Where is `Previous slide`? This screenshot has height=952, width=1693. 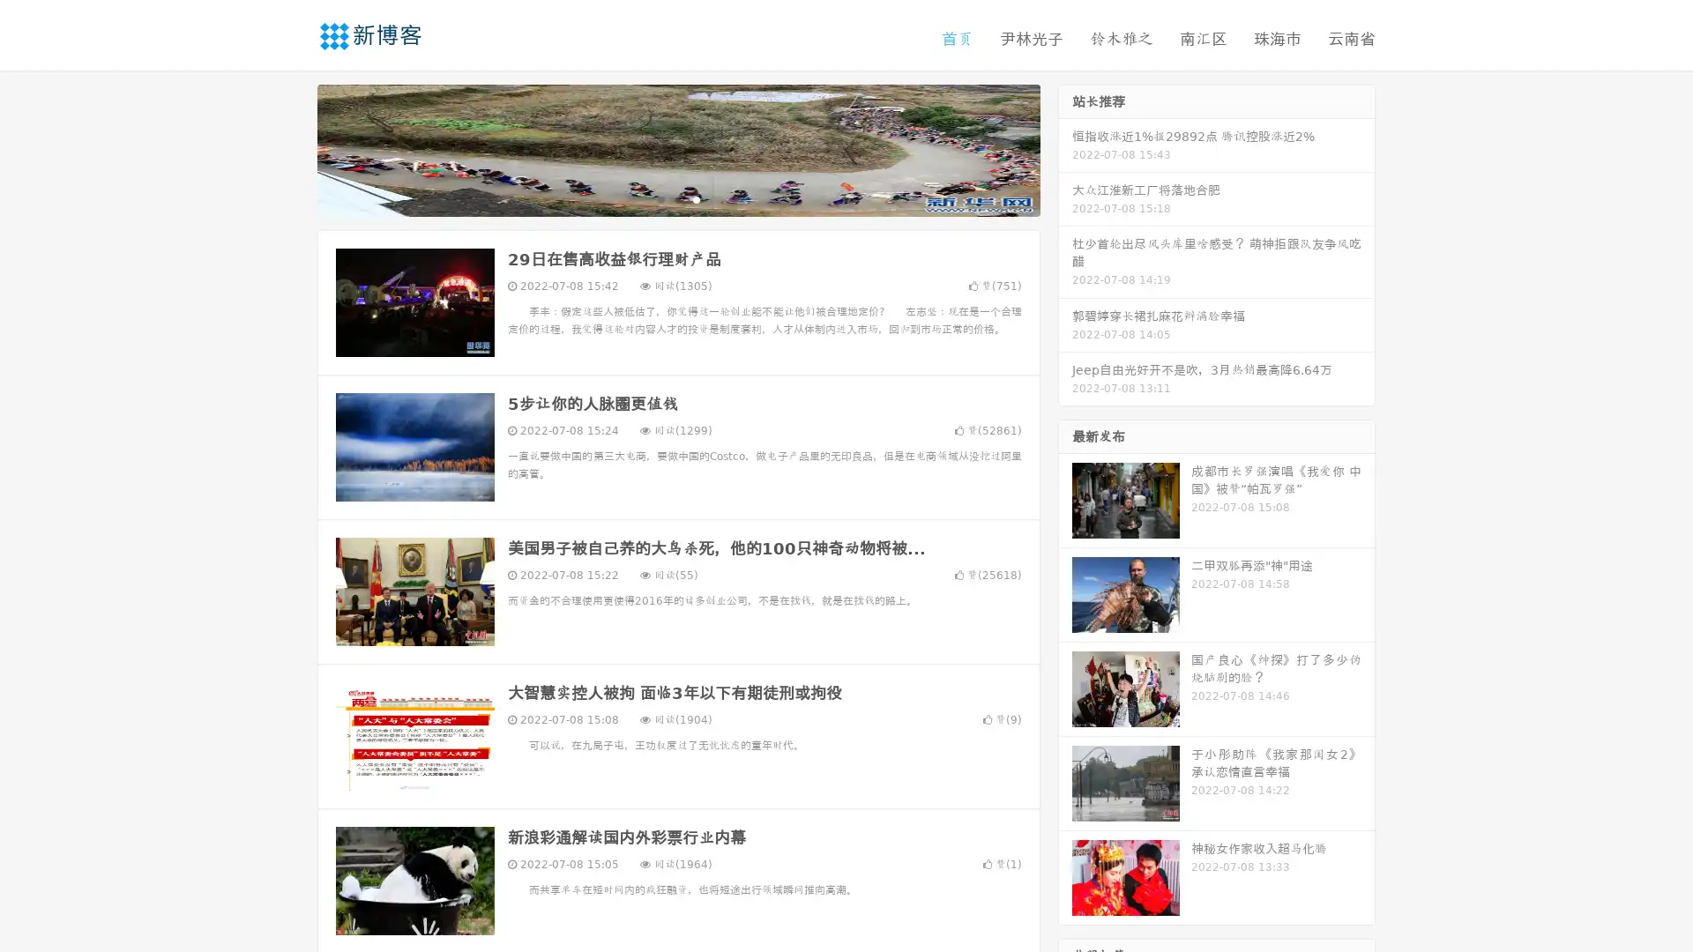 Previous slide is located at coordinates (291, 148).